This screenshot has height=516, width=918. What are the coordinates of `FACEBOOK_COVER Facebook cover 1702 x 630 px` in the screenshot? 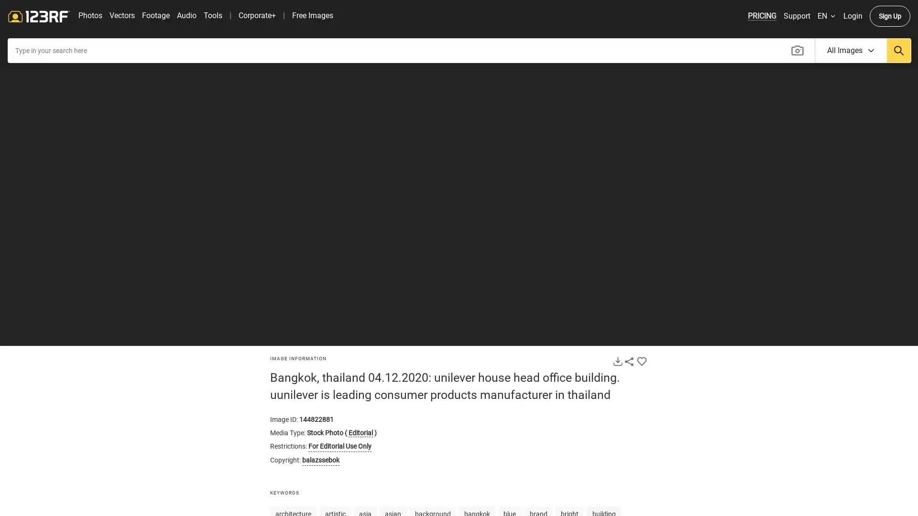 It's located at (812, 381).